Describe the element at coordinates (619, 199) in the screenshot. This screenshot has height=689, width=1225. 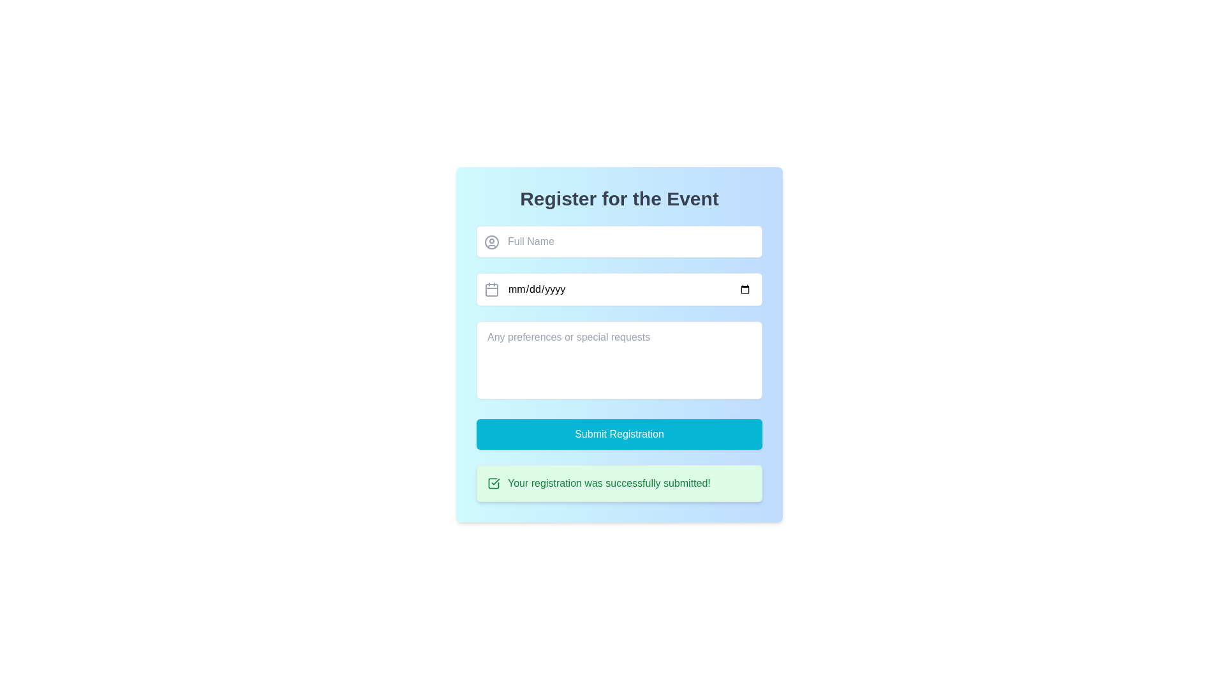
I see `the static text header titled 'Register for the Event', which is bold and centered at the top of the form card` at that location.